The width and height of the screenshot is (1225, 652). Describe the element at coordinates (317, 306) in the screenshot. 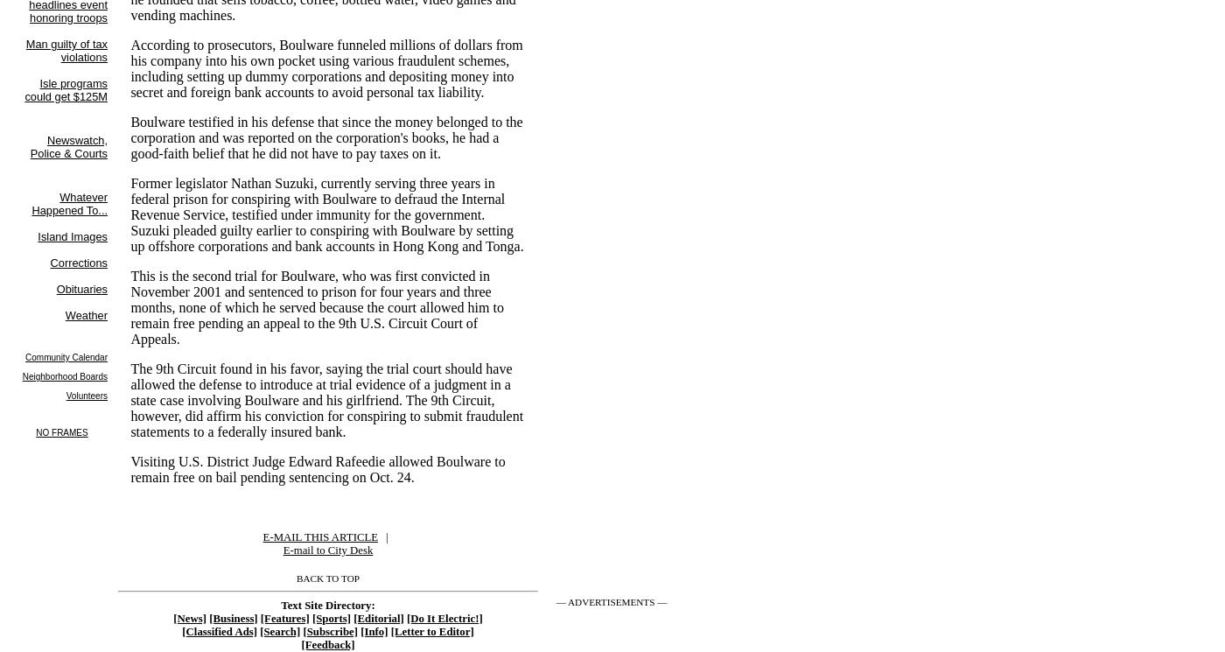

I see `'This is the second trial for Boulware, who was first convicted in November 2001 and sentenced to prison for four years and three months, none of which he served because the court allowed him to remain free pending an appeal to the 9th U.S. Circuit Court of Appeals.'` at that location.